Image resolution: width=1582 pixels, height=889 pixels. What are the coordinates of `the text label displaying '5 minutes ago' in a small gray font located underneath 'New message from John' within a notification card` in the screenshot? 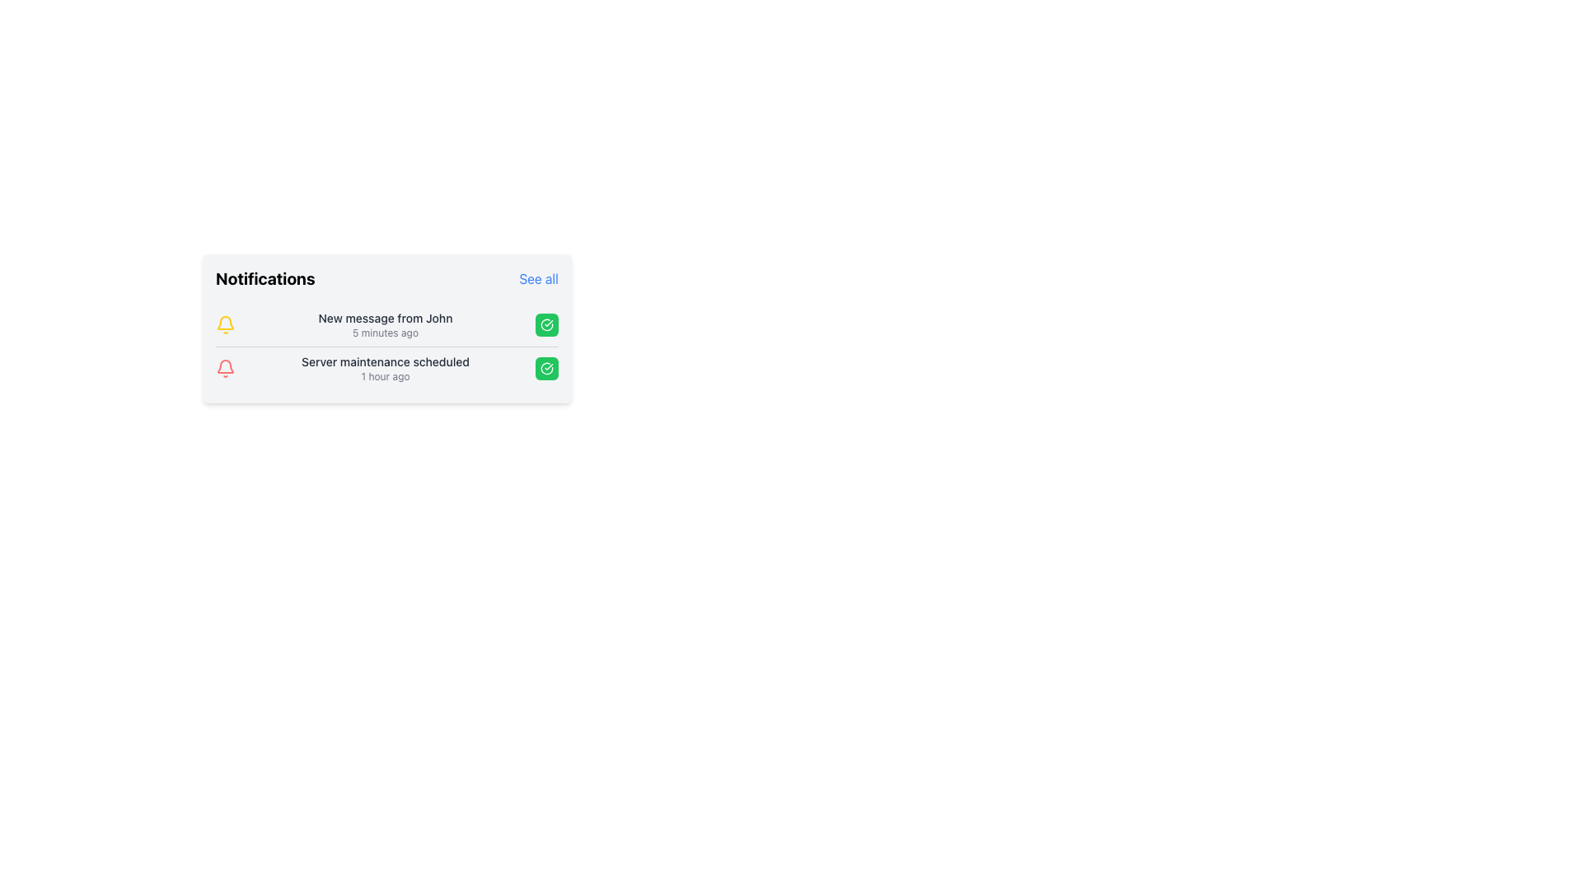 It's located at (384, 333).